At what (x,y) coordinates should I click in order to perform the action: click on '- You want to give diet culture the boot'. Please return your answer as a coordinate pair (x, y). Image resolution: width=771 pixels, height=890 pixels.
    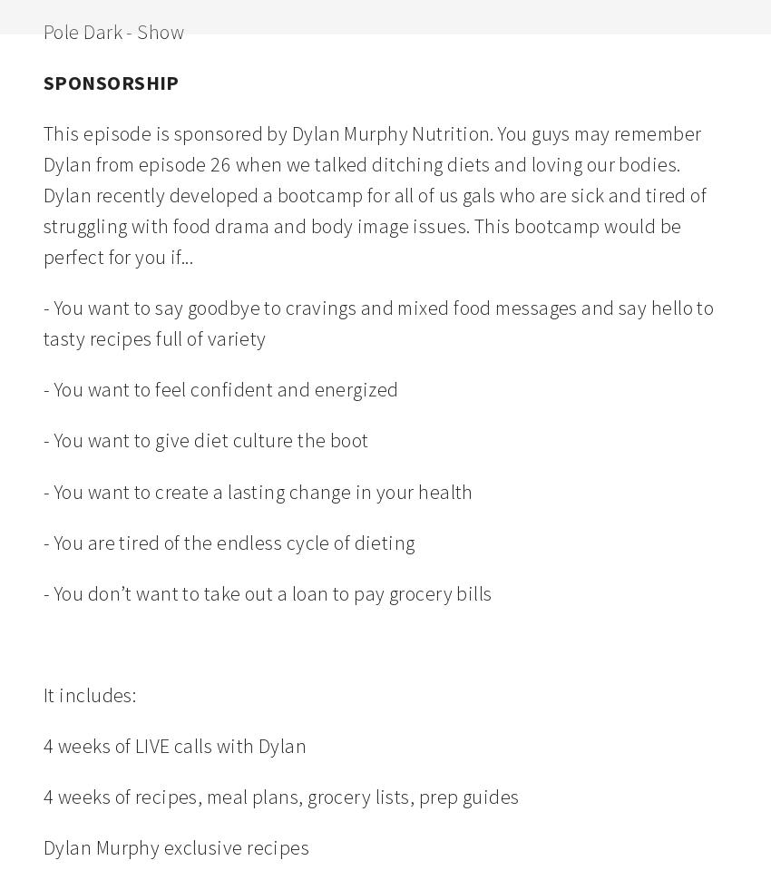
    Looking at the image, I should click on (44, 439).